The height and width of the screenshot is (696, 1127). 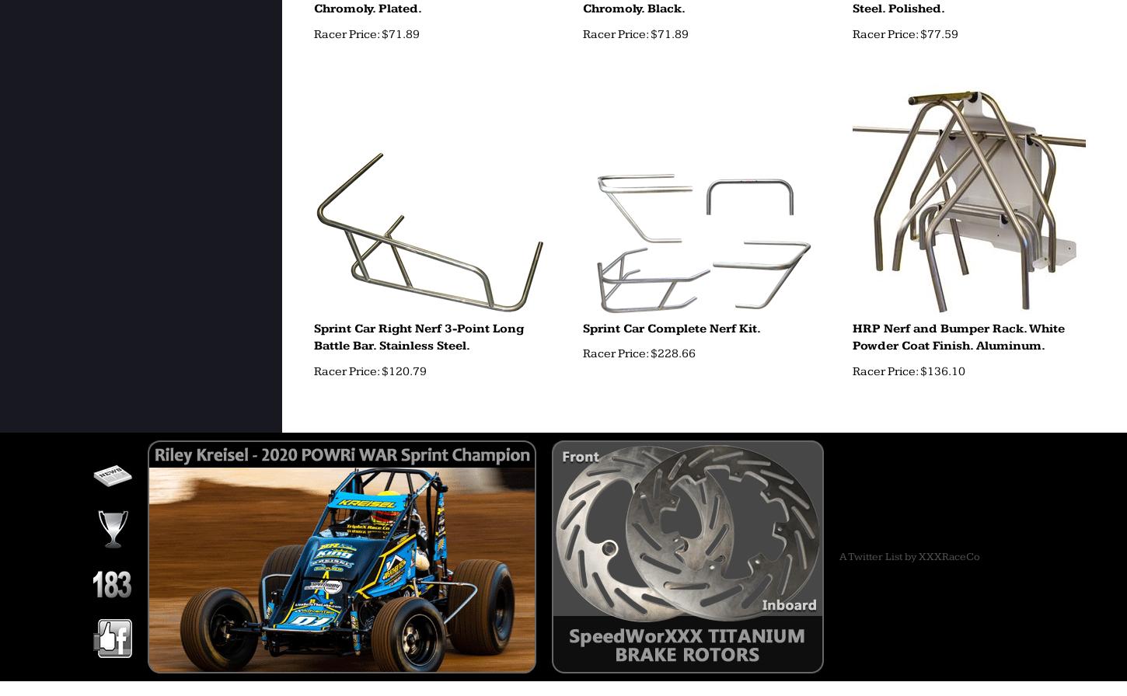 What do you see at coordinates (671, 328) in the screenshot?
I see `'Sprint Car Complete Nerf Kit.'` at bounding box center [671, 328].